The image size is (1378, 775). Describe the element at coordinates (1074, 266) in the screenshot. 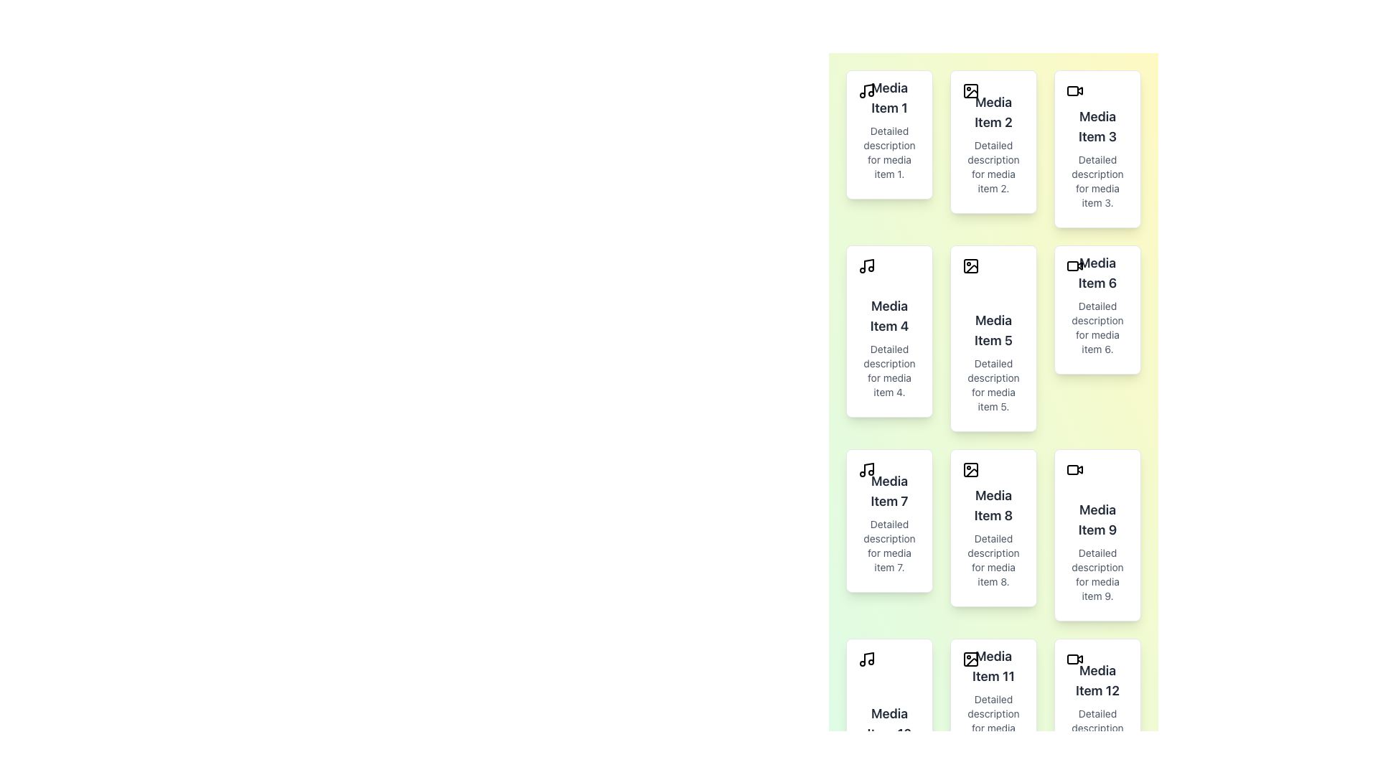

I see `the video-related content indicator icon located at the top-left corner of the 'Media Item 6' card in the grid layout` at that location.